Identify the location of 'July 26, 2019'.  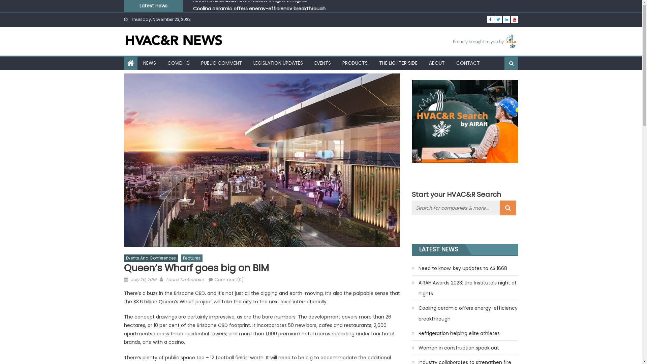
(131, 279).